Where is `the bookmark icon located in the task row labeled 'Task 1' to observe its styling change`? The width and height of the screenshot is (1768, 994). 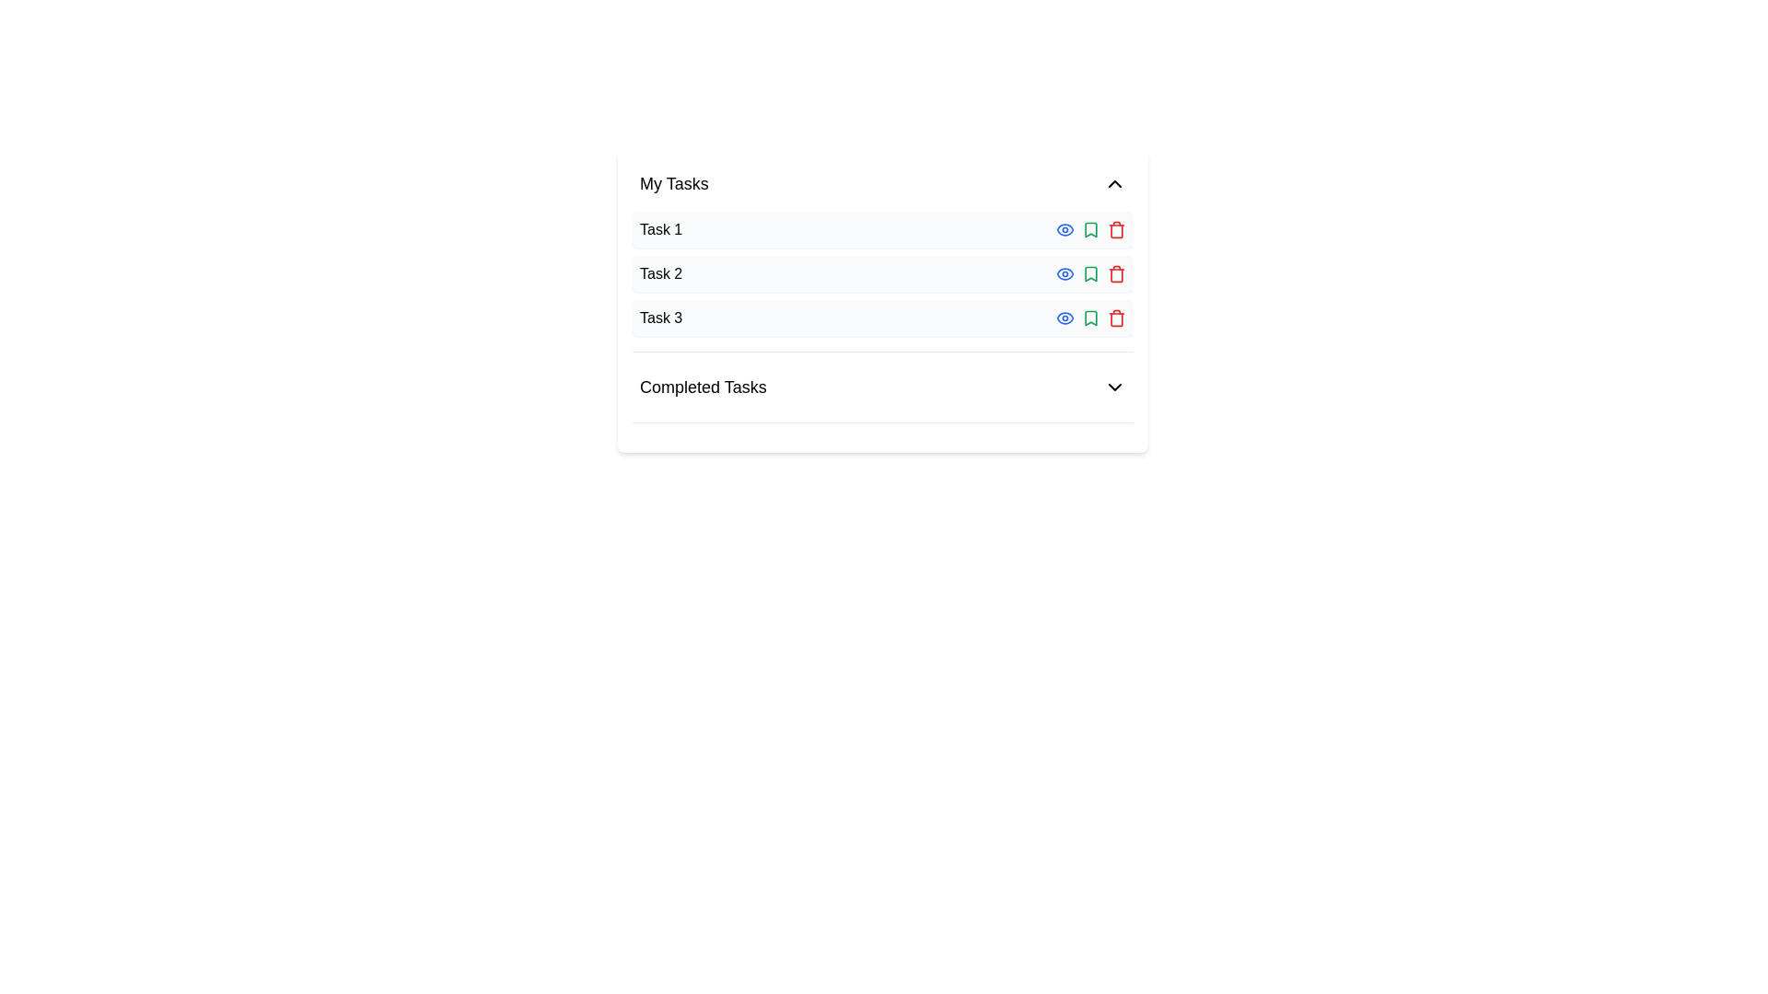 the bookmark icon located in the task row labeled 'Task 1' to observe its styling change is located at coordinates (1091, 229).